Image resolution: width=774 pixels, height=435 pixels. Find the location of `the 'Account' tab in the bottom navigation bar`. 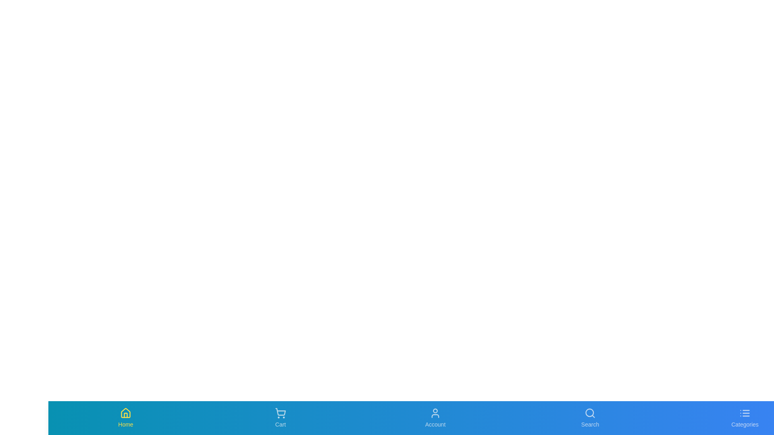

the 'Account' tab in the bottom navigation bar is located at coordinates (435, 417).